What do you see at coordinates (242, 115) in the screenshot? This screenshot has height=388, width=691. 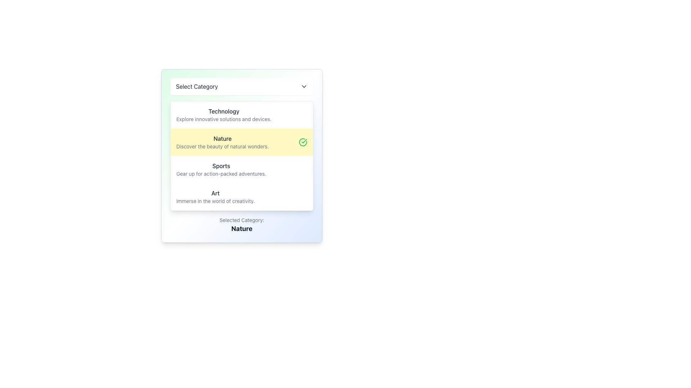 I see `the first selectable item in the category list` at bounding box center [242, 115].